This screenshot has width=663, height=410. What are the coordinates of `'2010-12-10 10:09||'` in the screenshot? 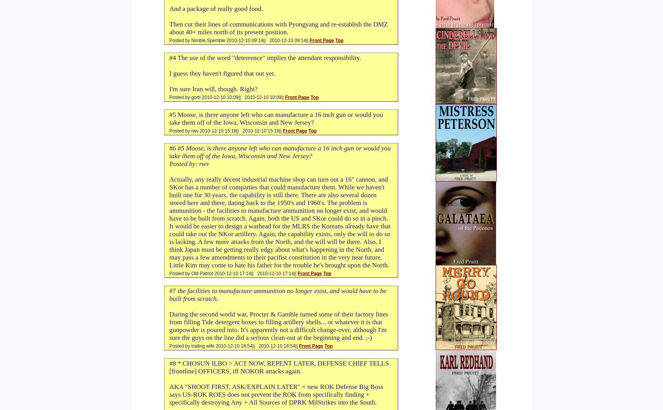 It's located at (263, 97).